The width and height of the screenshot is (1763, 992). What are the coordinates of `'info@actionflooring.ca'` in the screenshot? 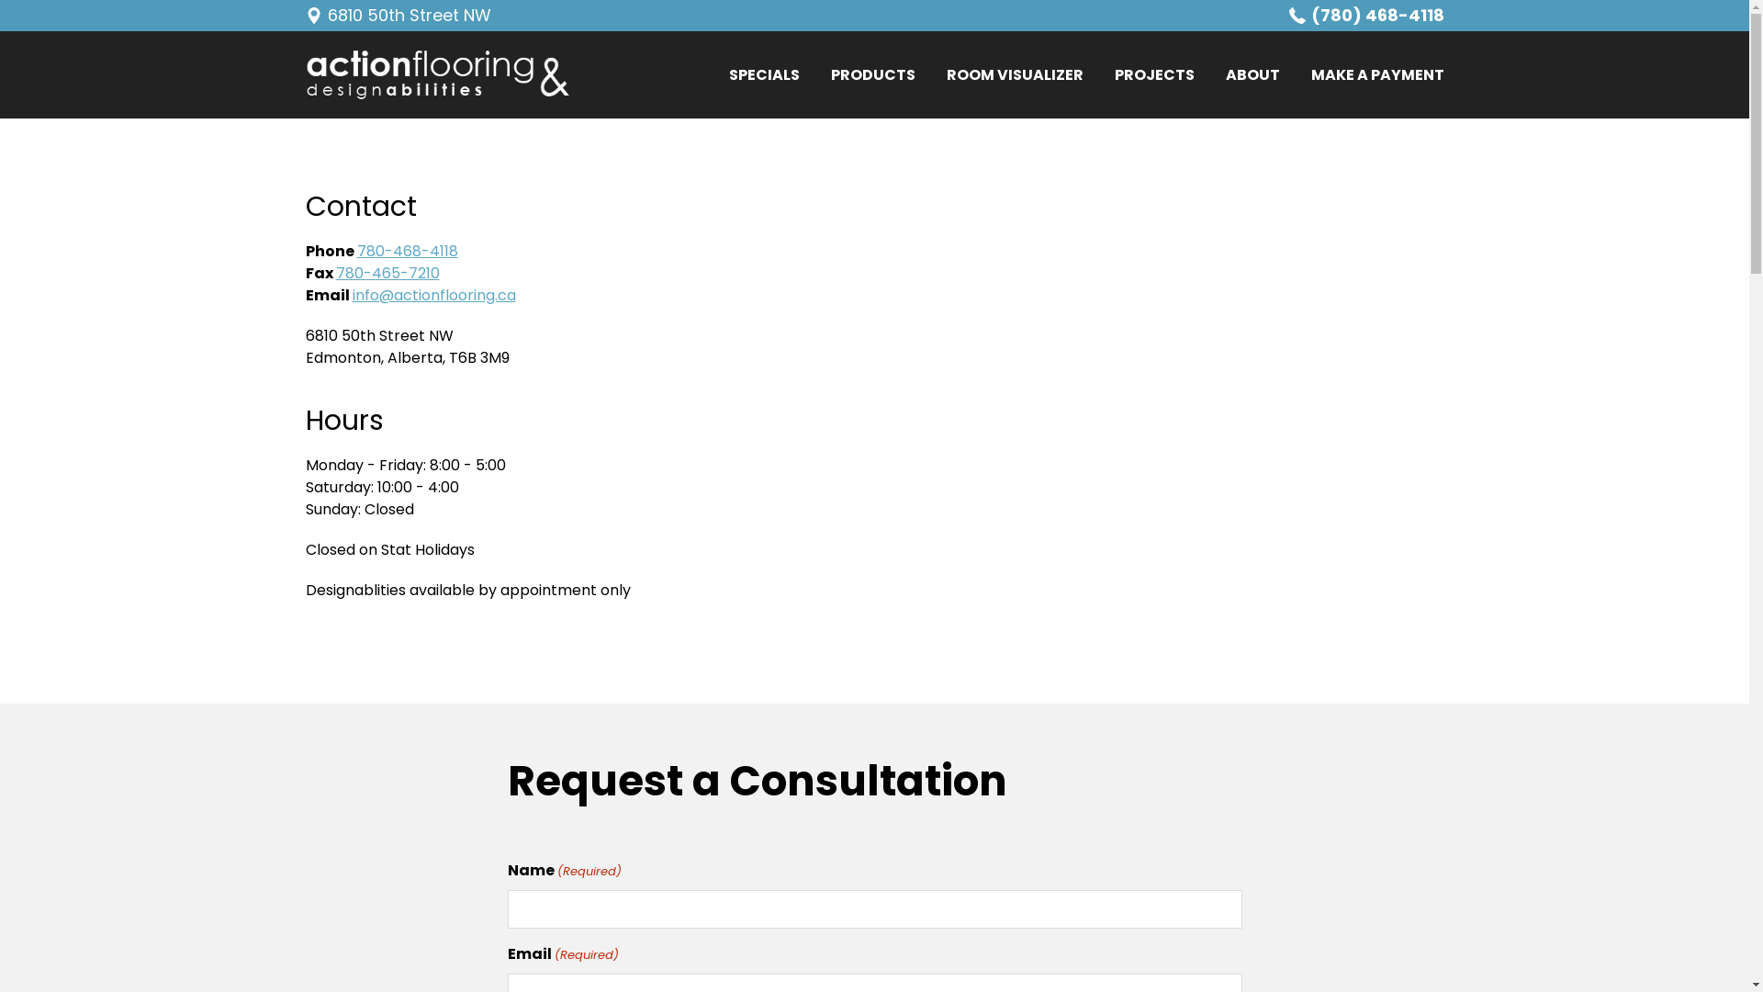 It's located at (433, 294).